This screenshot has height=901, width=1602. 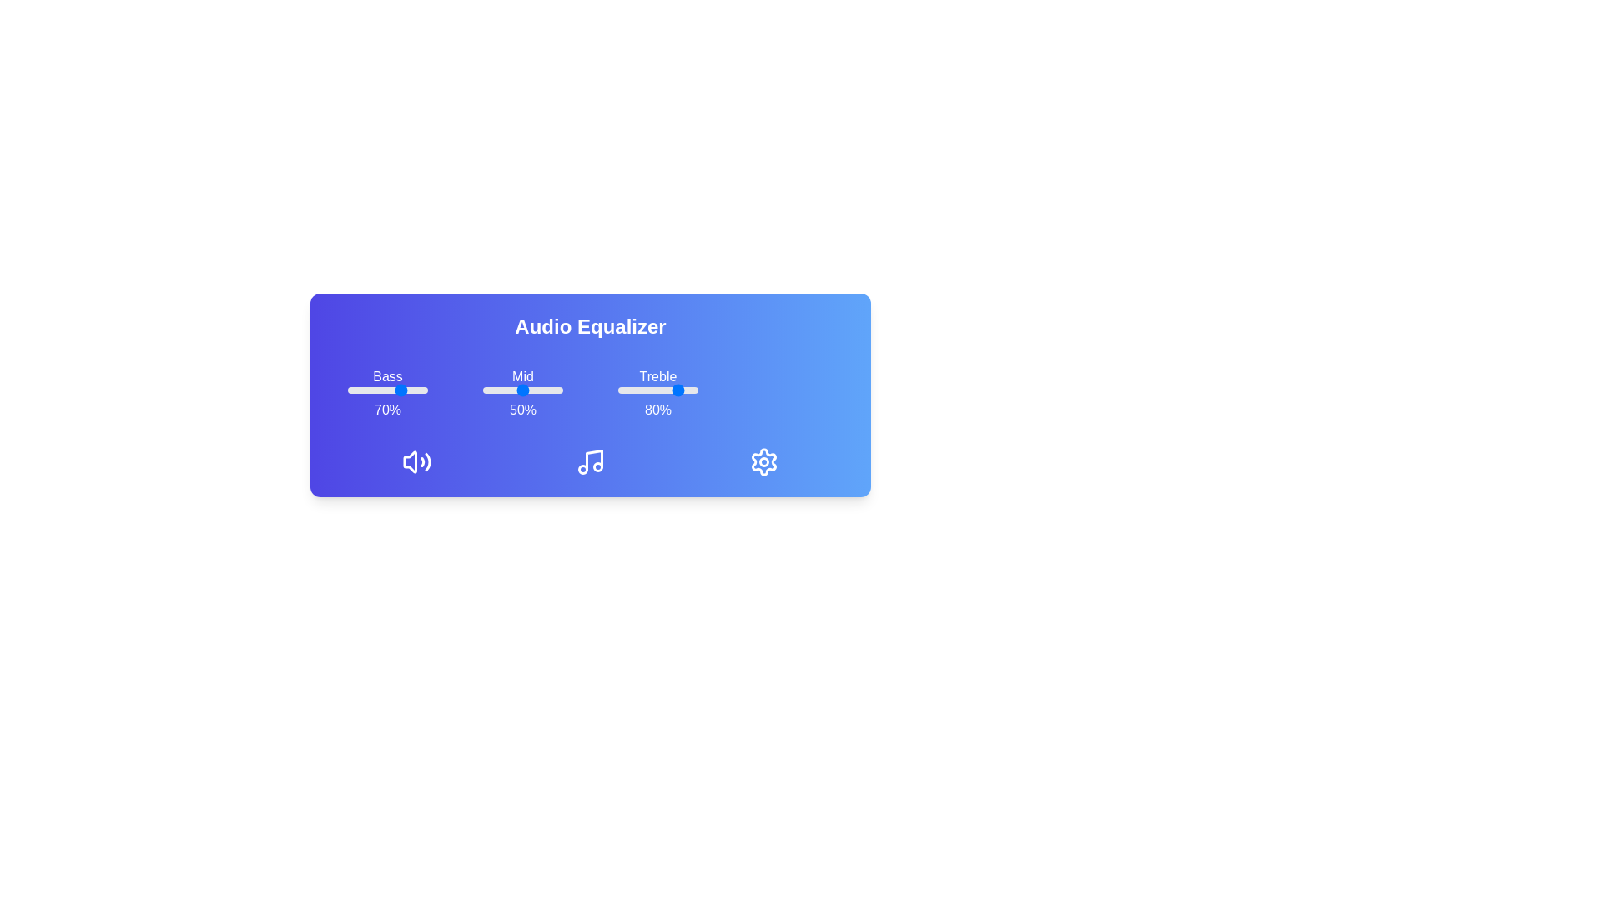 I want to click on the bass slider to 91%, where 91 is a value between 0 and 100, so click(x=421, y=390).